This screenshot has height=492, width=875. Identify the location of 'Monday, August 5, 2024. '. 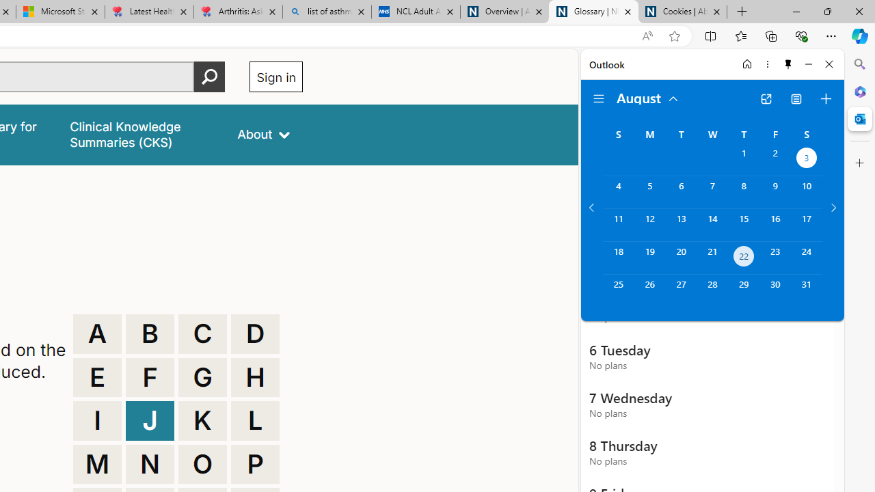
(649, 192).